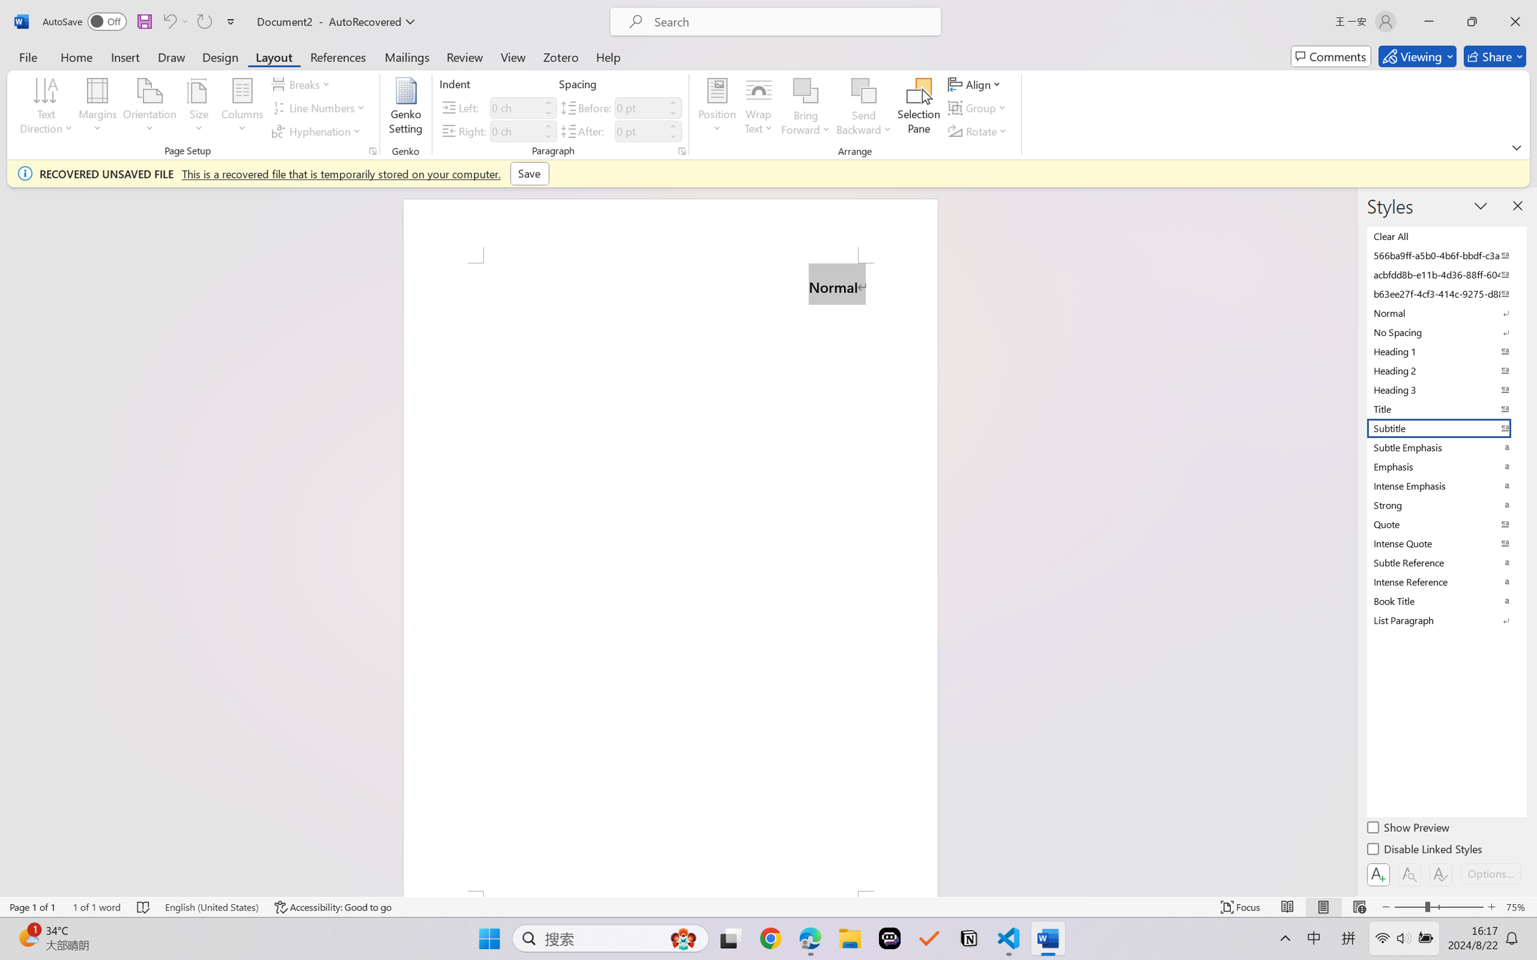  What do you see at coordinates (978, 108) in the screenshot?
I see `'Group'` at bounding box center [978, 108].